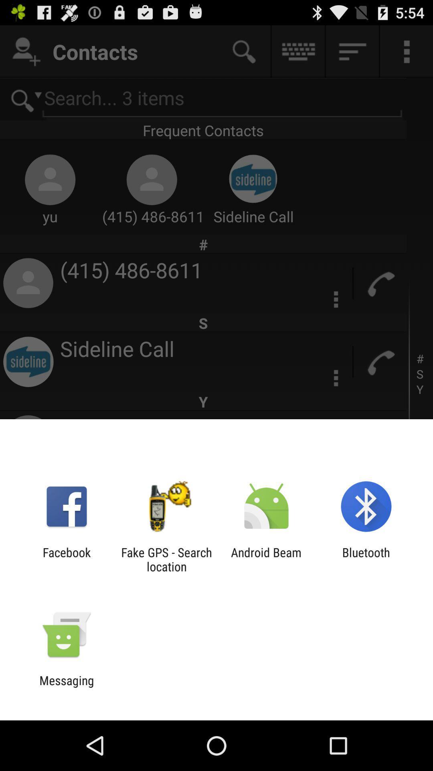 The height and width of the screenshot is (771, 433). I want to click on icon to the right of facebook app, so click(166, 559).